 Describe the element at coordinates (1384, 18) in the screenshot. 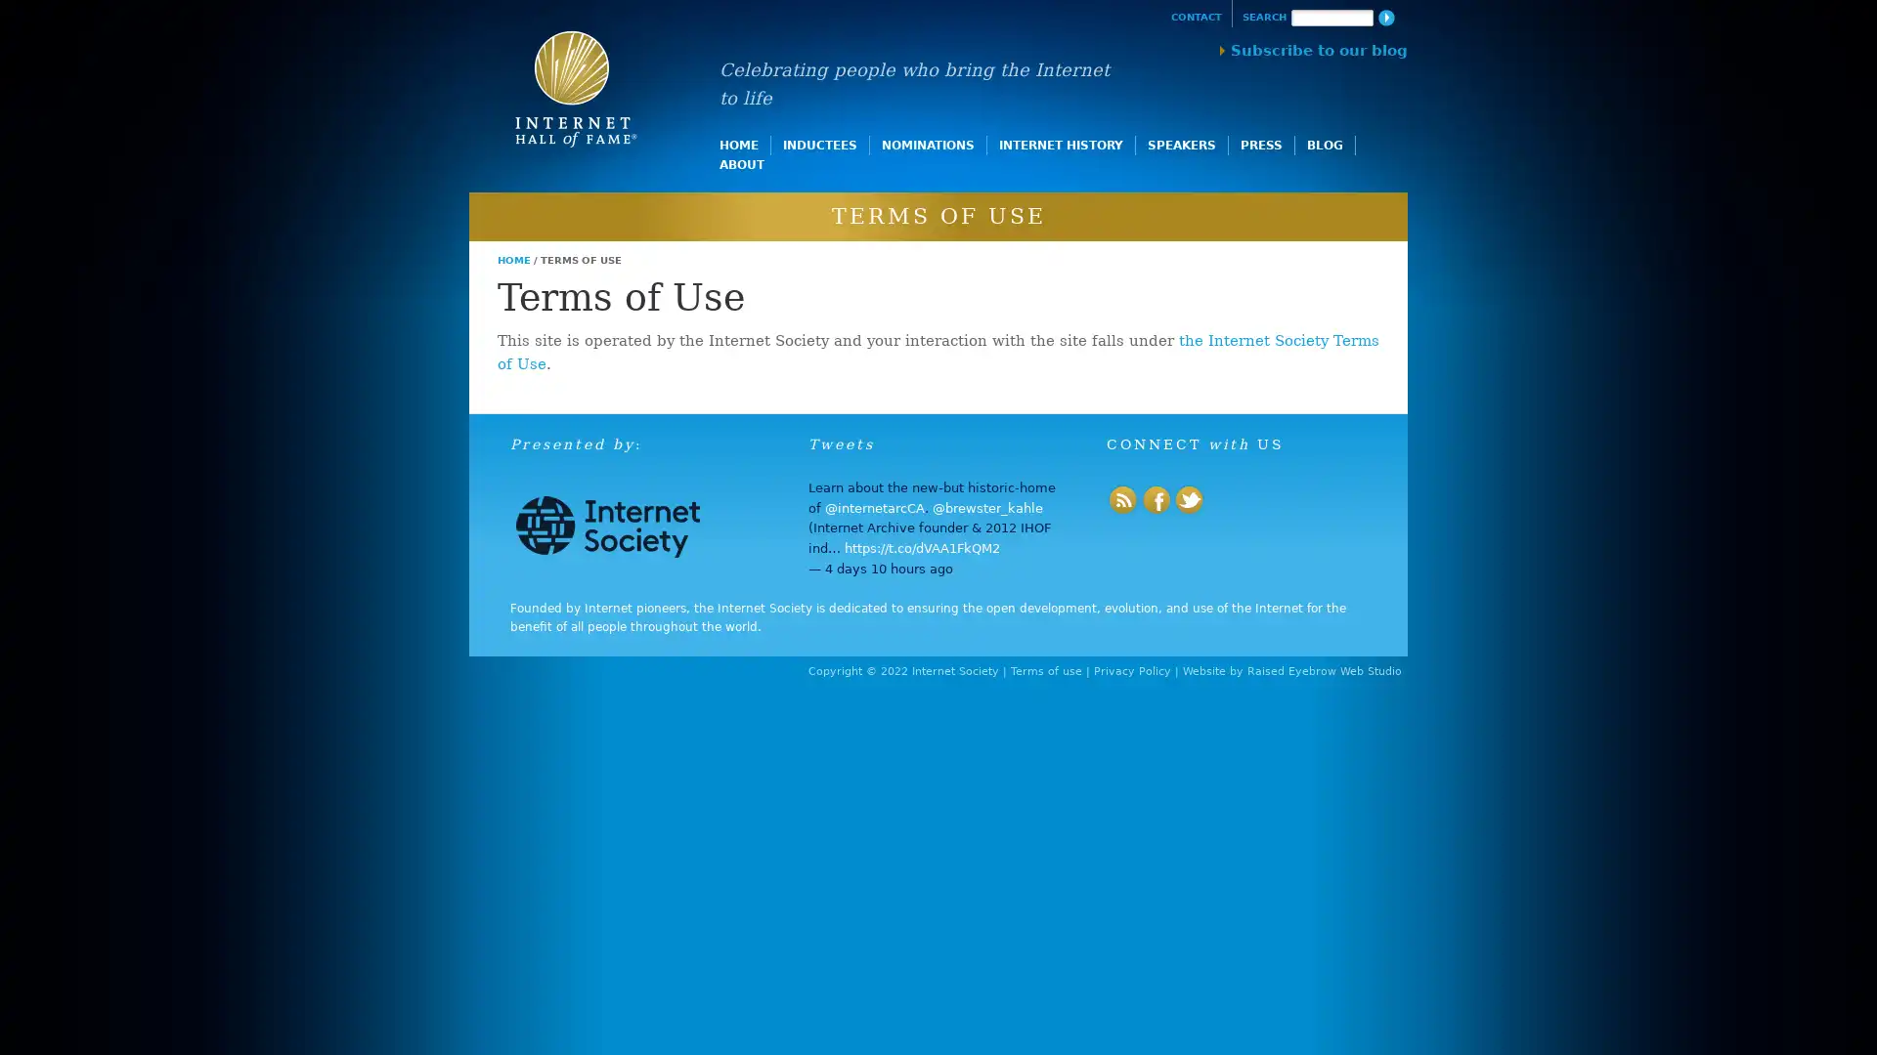

I see `Search` at that location.